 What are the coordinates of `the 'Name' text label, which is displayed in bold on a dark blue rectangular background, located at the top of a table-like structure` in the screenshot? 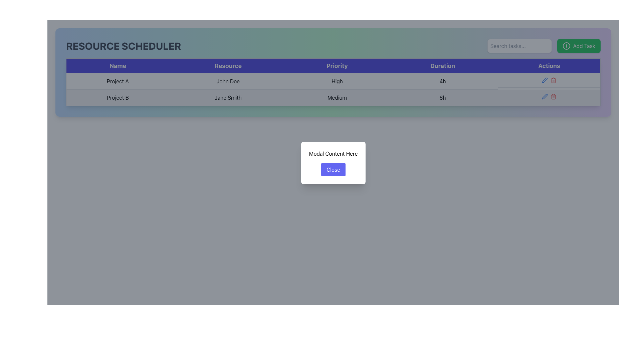 It's located at (118, 66).